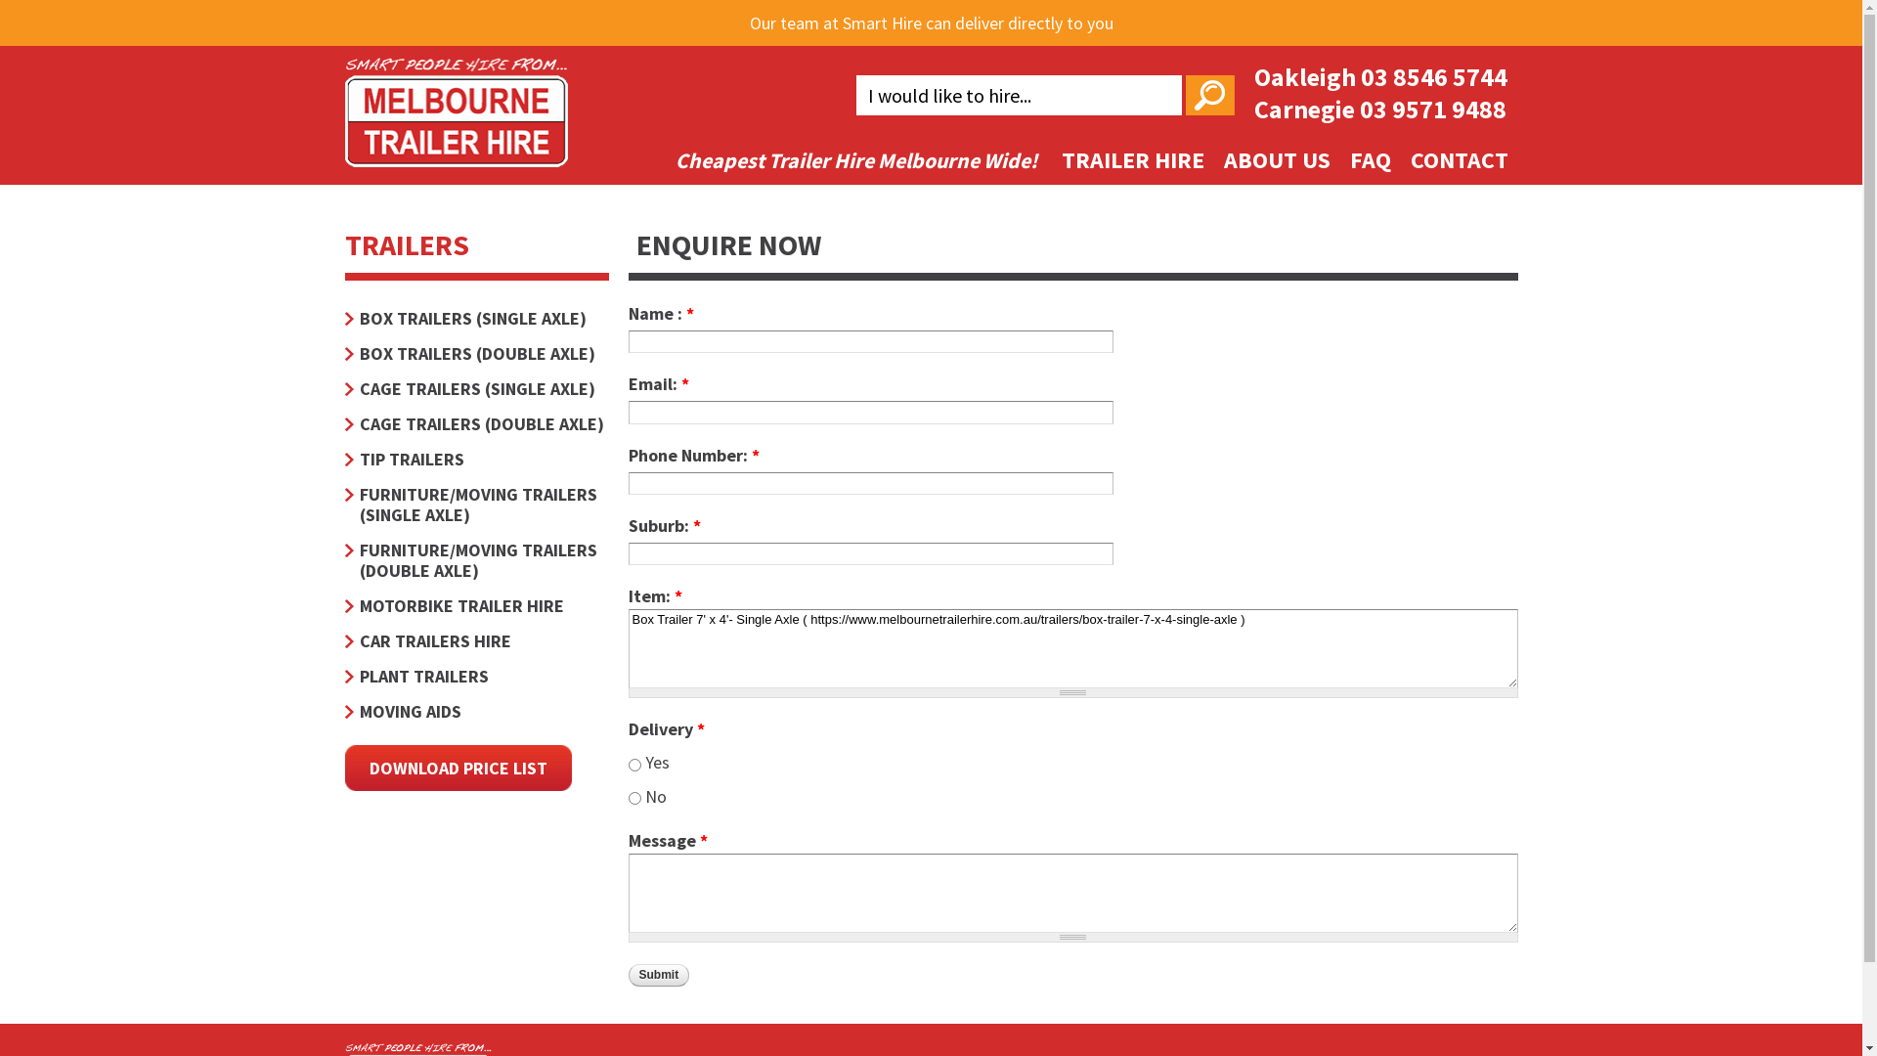  What do you see at coordinates (475, 711) in the screenshot?
I see `'MOVING AIDS'` at bounding box center [475, 711].